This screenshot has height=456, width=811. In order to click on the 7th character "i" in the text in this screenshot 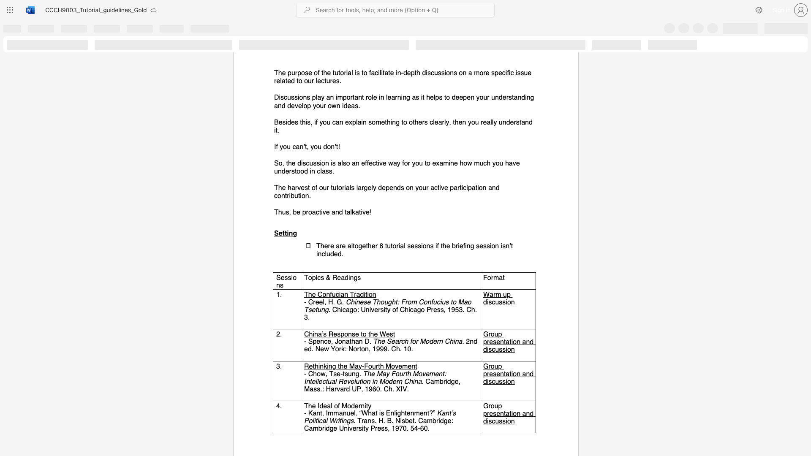, I will do `click(501, 246)`.